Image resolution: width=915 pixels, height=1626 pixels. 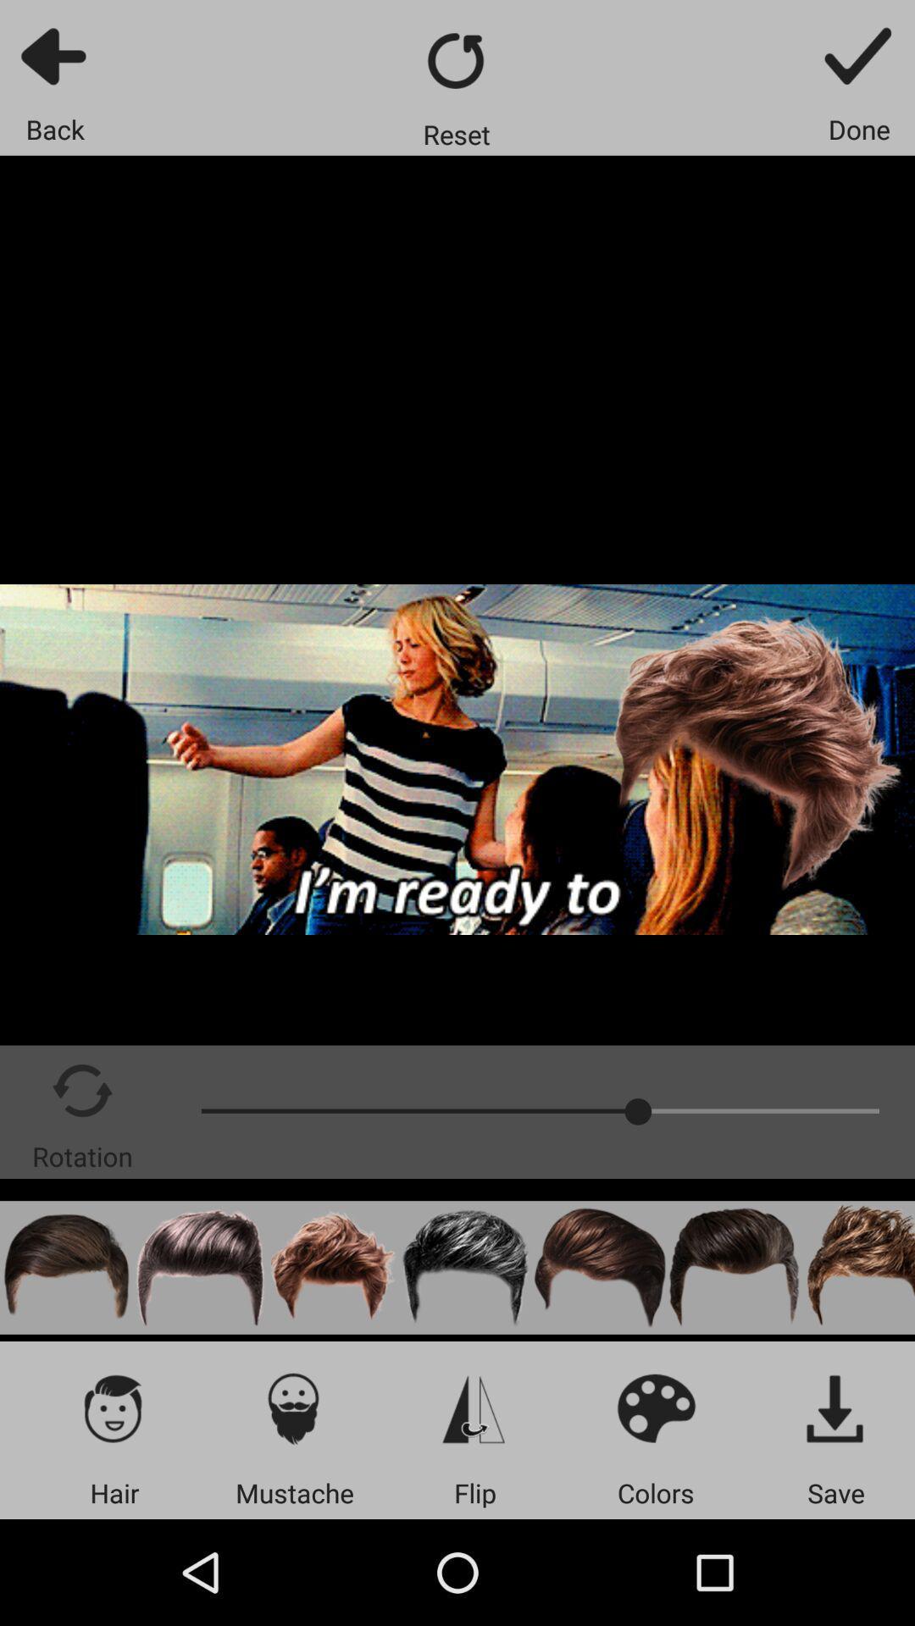 I want to click on go back, so click(x=54, y=55).